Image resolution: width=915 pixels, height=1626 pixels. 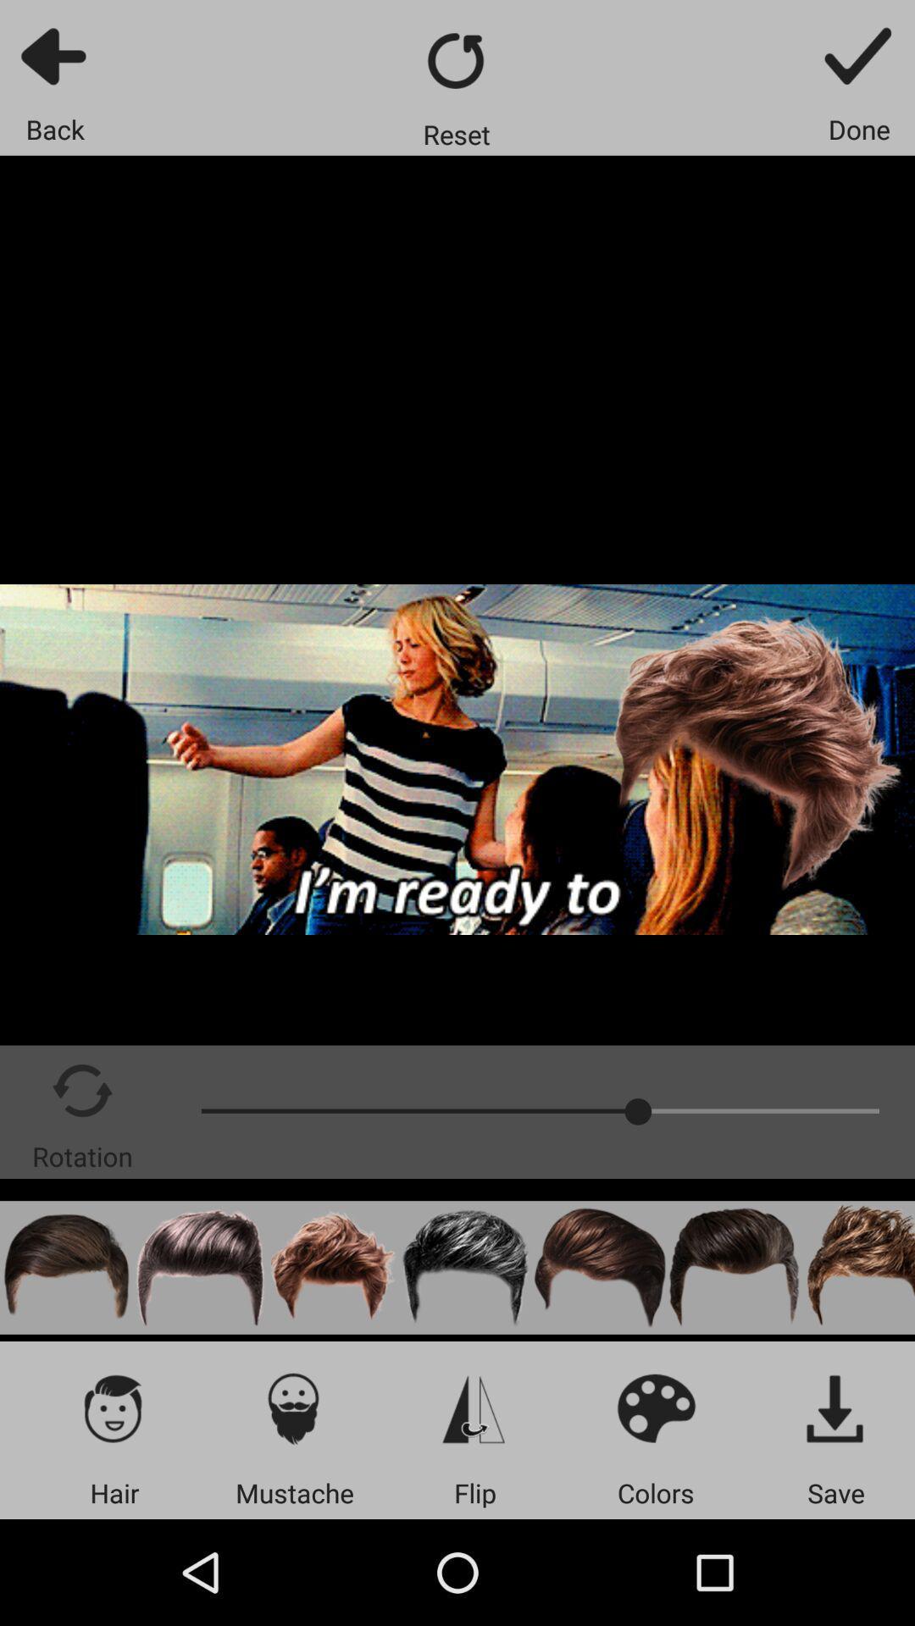 I want to click on go back, so click(x=54, y=55).